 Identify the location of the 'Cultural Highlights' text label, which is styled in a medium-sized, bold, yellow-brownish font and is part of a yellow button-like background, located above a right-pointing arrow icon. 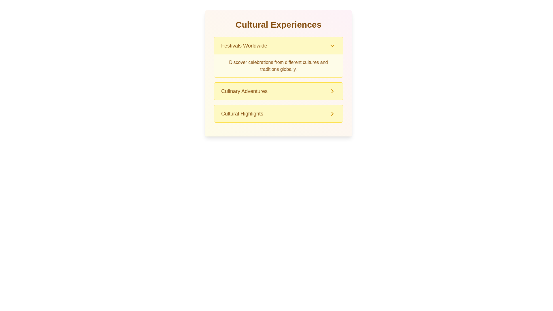
(242, 113).